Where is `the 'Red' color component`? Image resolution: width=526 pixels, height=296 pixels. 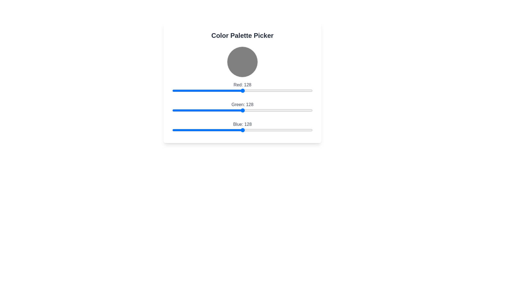 the 'Red' color component is located at coordinates (302, 90).